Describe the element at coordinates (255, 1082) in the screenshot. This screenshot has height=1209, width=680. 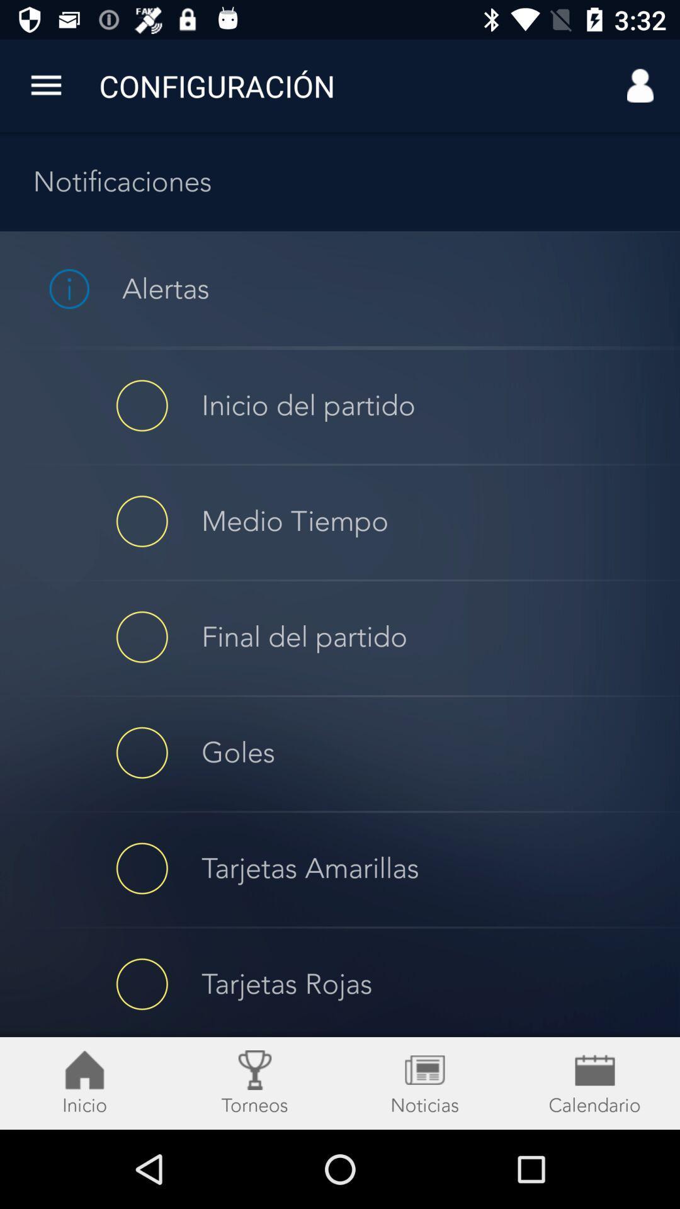
I see `the location icon` at that location.